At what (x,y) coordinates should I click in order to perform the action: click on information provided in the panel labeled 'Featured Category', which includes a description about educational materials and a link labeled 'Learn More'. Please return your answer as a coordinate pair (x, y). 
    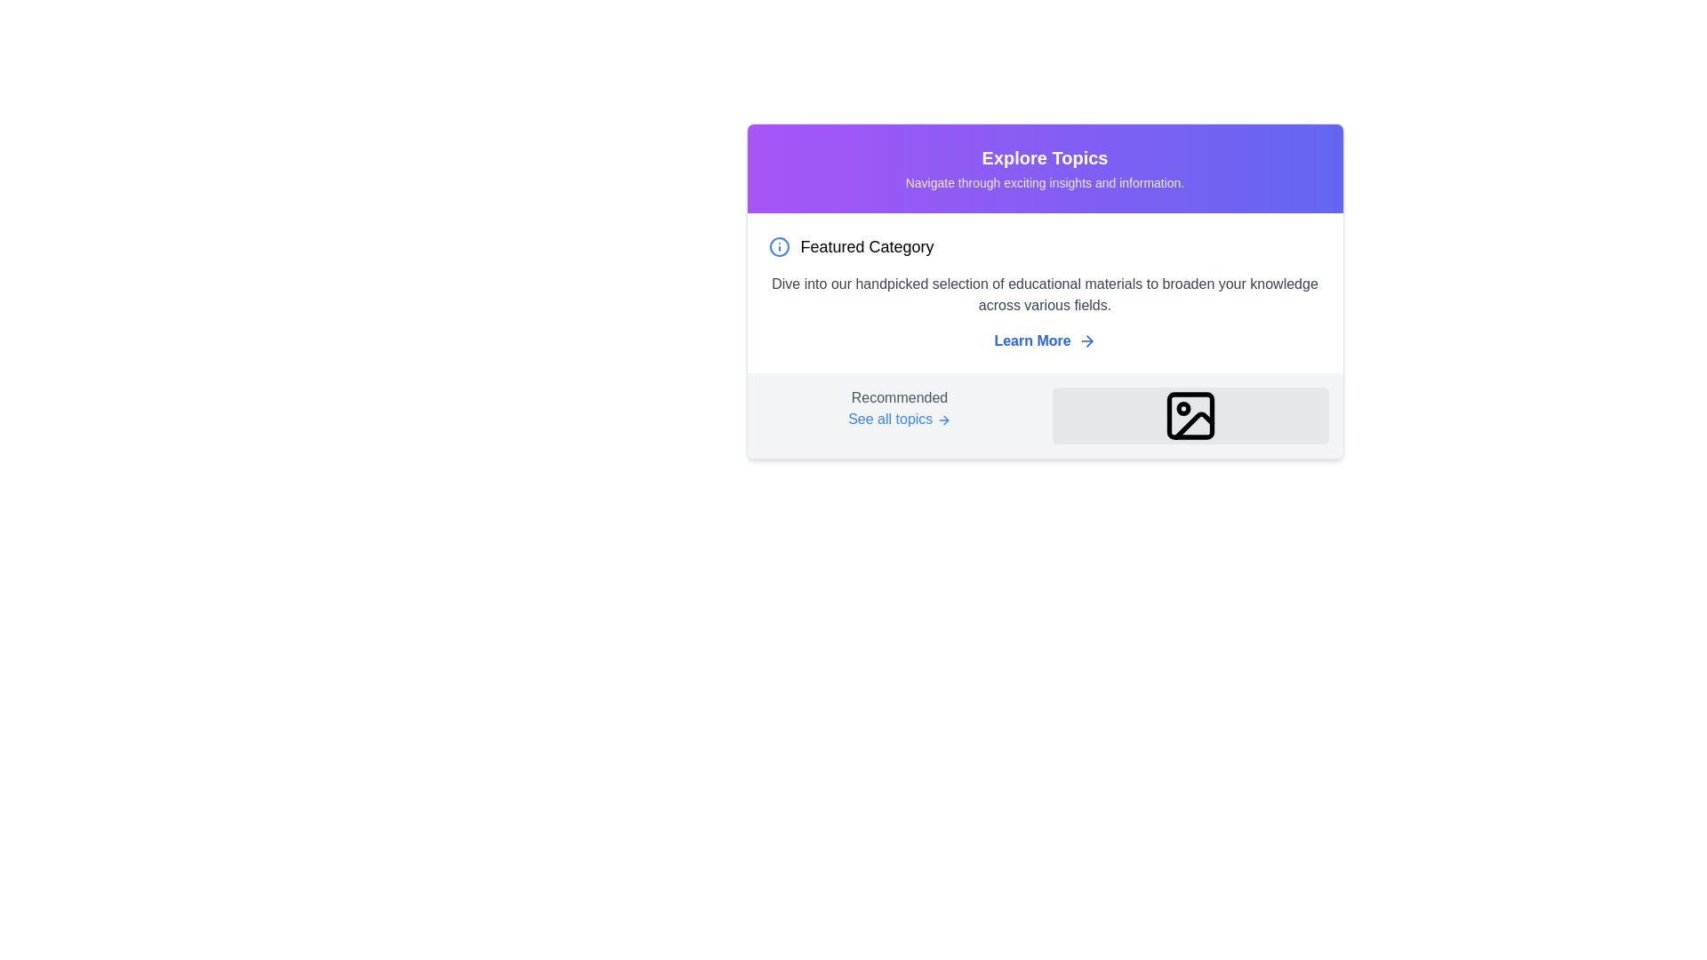
    Looking at the image, I should click on (1045, 292).